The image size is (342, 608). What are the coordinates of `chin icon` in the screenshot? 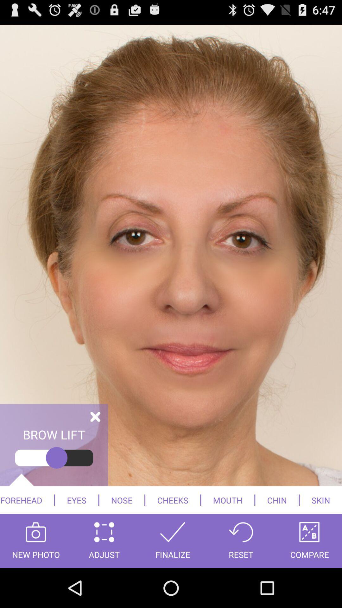 It's located at (276, 500).